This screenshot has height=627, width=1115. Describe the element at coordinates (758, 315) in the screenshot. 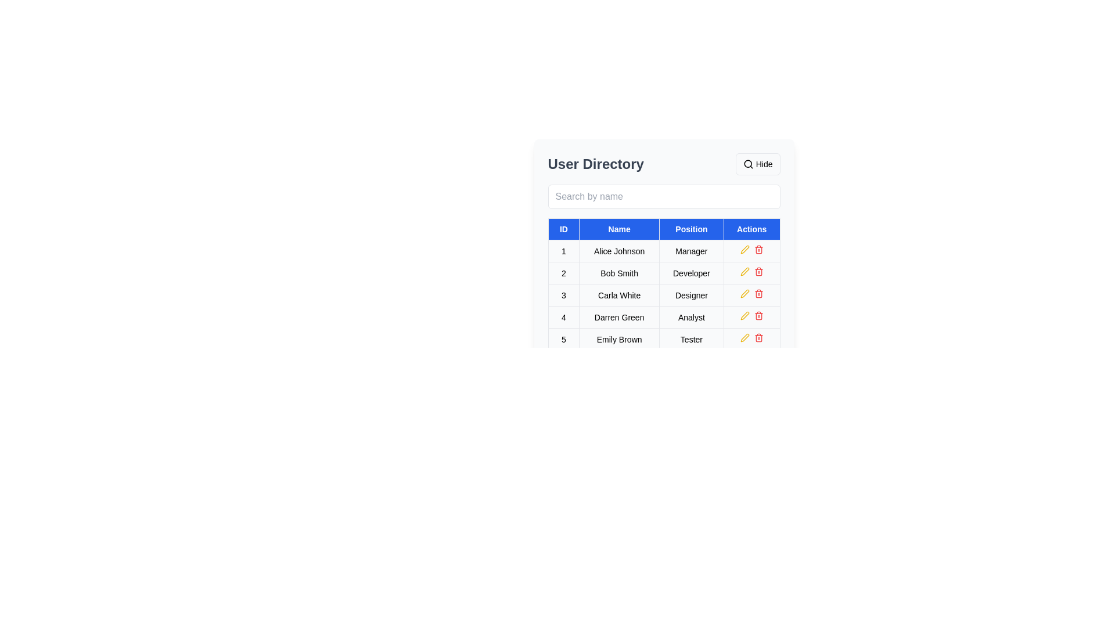

I see `the red trash can icon button located in the 'Actions' column of the row for 'Darren Green - Analyst' to invoke its delete functionality` at that location.